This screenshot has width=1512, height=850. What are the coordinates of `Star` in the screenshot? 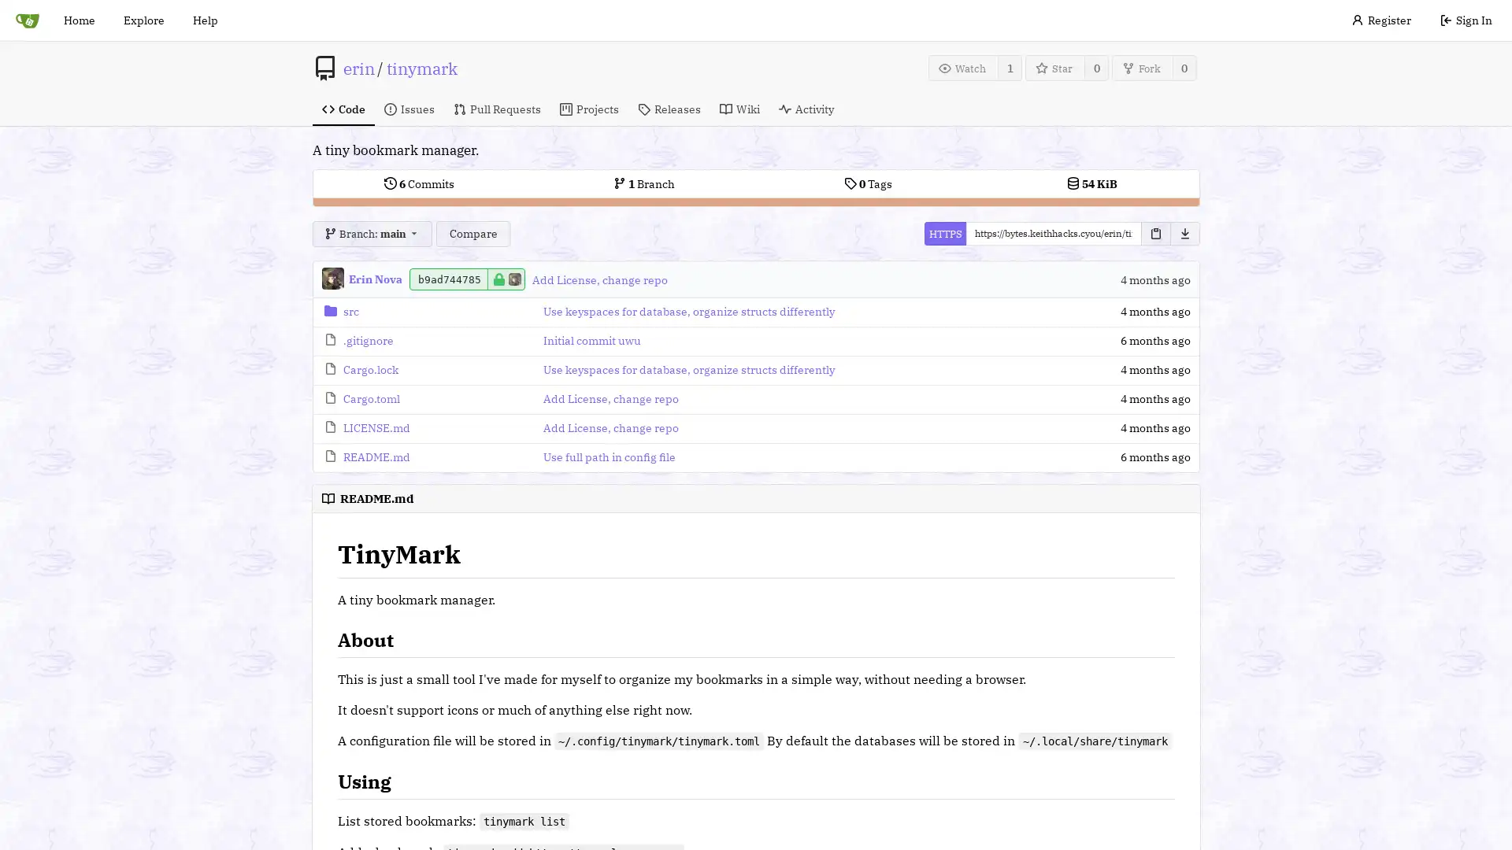 It's located at (1054, 67).